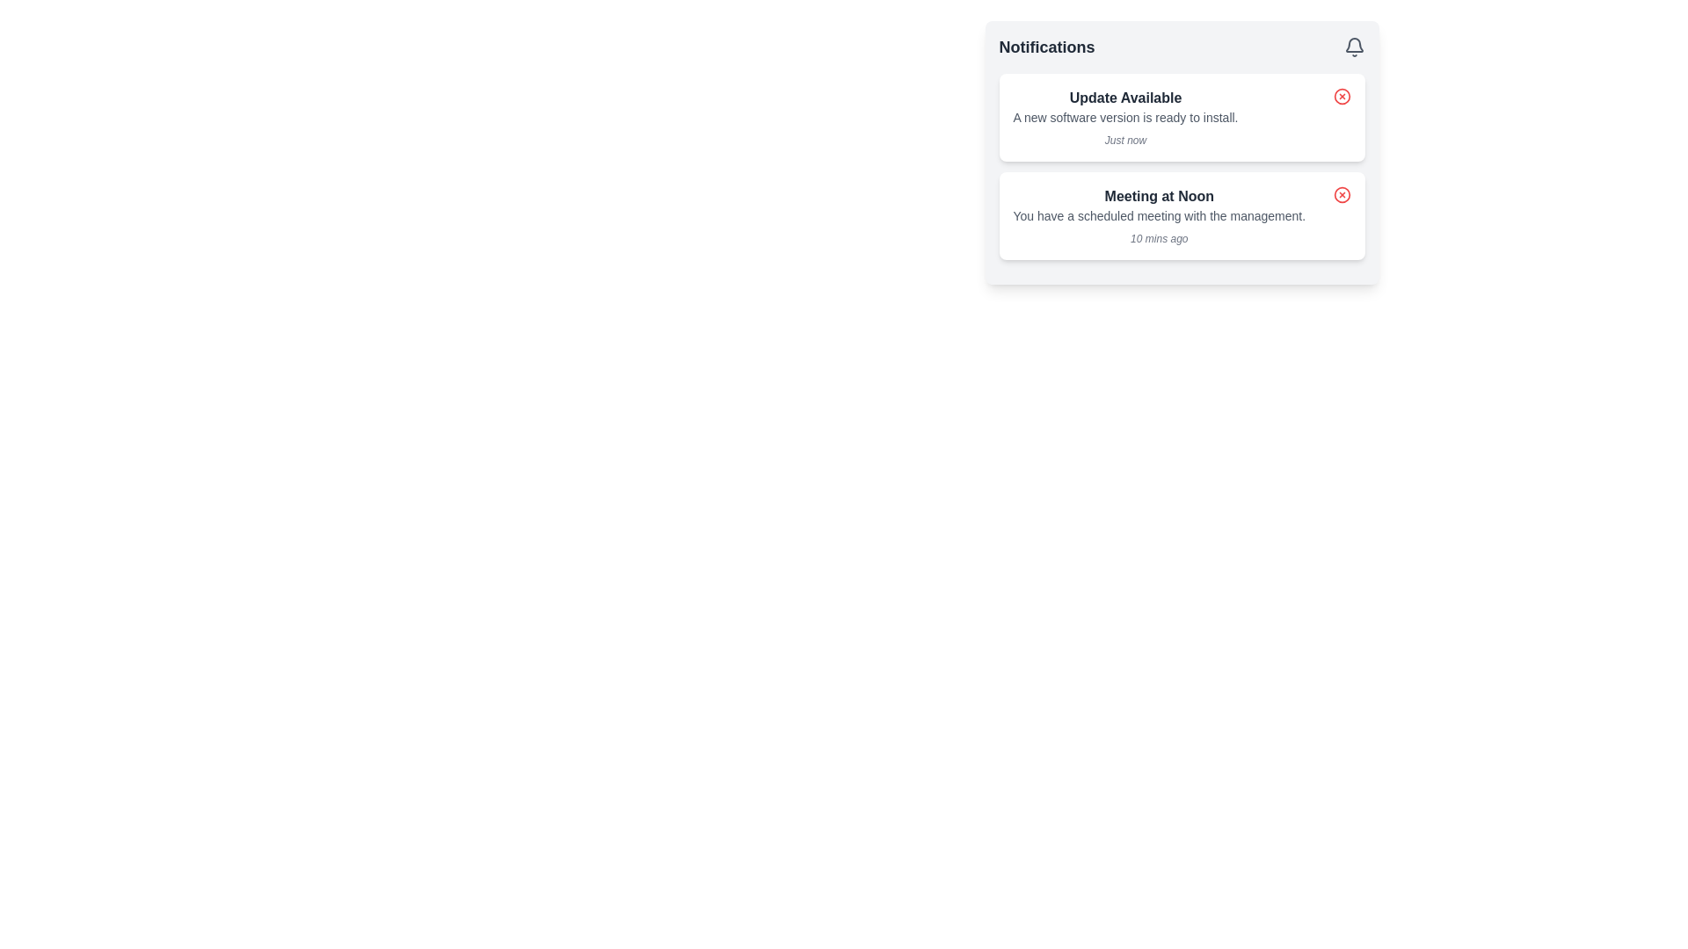 This screenshot has height=949, width=1688. What do you see at coordinates (1182, 118) in the screenshot?
I see `notification card that informs about the availability of a new software update, positioned in the Notifications section above the 'Meeting at Noon' notification` at bounding box center [1182, 118].